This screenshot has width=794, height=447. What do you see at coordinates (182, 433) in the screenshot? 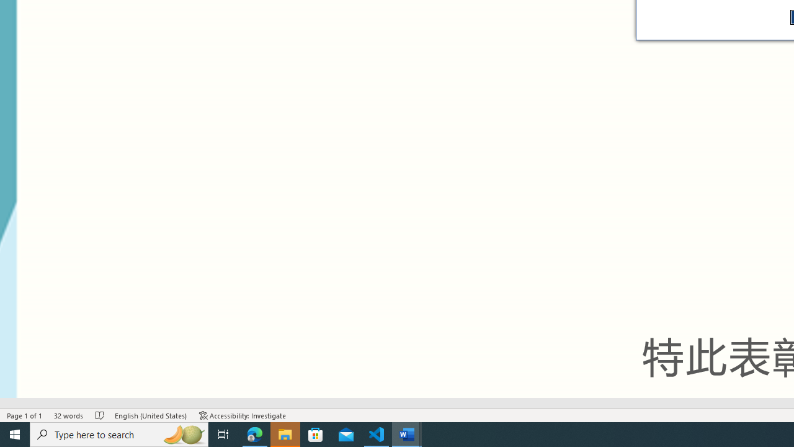
I see `'Search highlights icon opens search home window'` at bounding box center [182, 433].